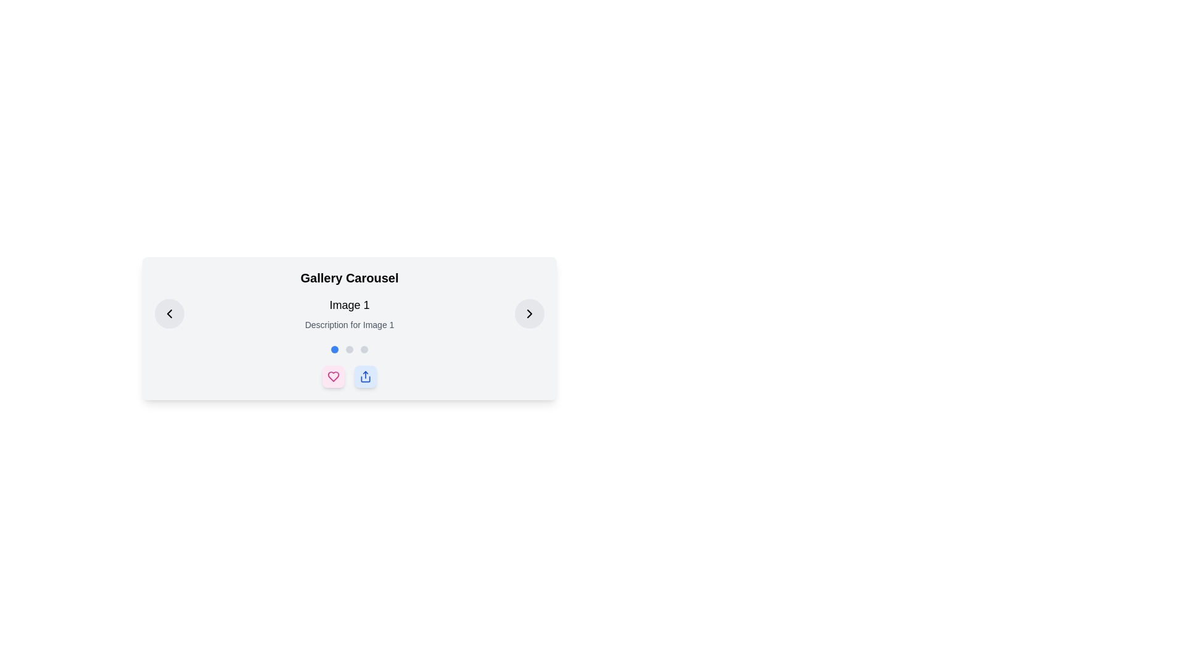  What do you see at coordinates (348, 350) in the screenshot?
I see `the middle circular progress indicator, which is a small gray indicator located in the lower portion of the carousel, positioned between a blue indicator on the left and another gray indicator on the right` at bounding box center [348, 350].